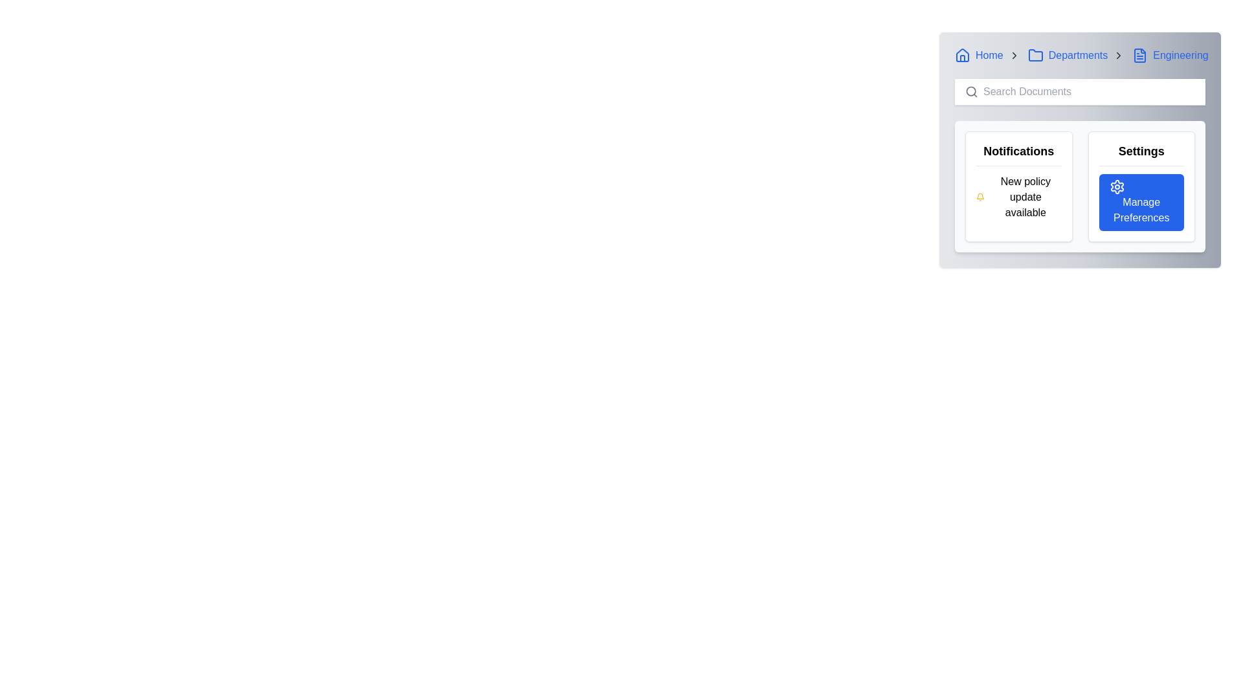 The height and width of the screenshot is (699, 1243). What do you see at coordinates (1116, 187) in the screenshot?
I see `the settings icon located on the right side of the layout, which is associated with the 'Manage Preferences' label` at bounding box center [1116, 187].